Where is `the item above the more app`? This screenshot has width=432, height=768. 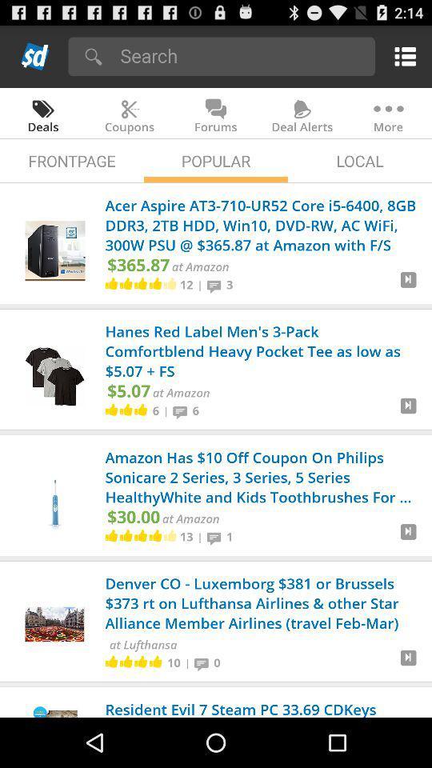 the item above the more app is located at coordinates (402, 56).